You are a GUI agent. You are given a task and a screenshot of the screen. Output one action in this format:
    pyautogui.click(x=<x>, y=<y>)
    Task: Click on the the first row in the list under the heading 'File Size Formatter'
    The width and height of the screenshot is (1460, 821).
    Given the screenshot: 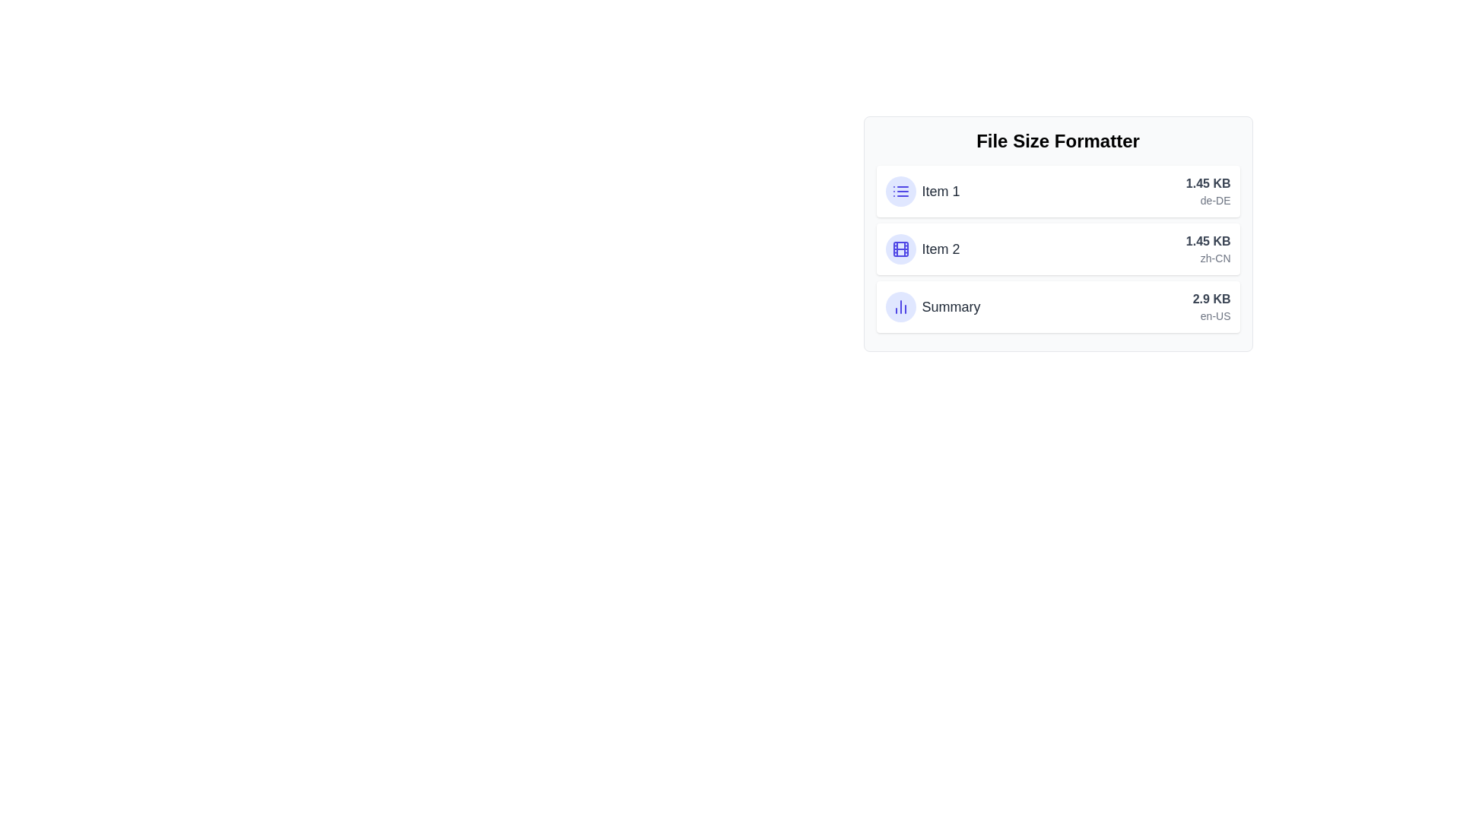 What is the action you would take?
    pyautogui.click(x=922, y=190)
    